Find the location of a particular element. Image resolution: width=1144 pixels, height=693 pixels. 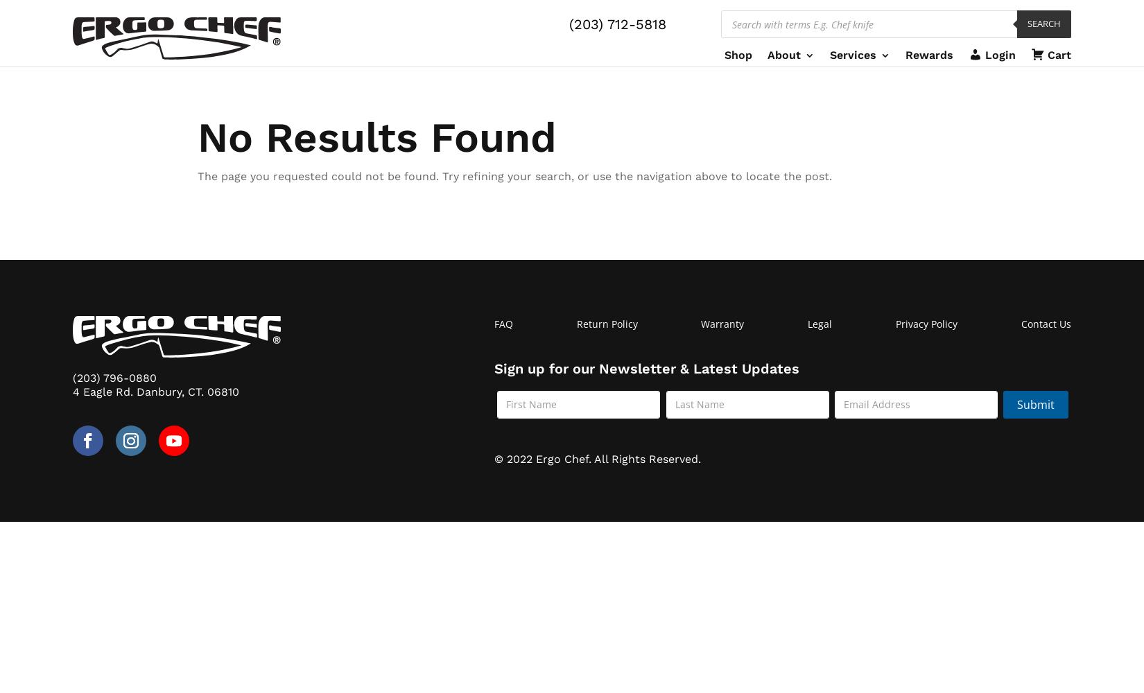

'Resources' is located at coordinates (816, 123).